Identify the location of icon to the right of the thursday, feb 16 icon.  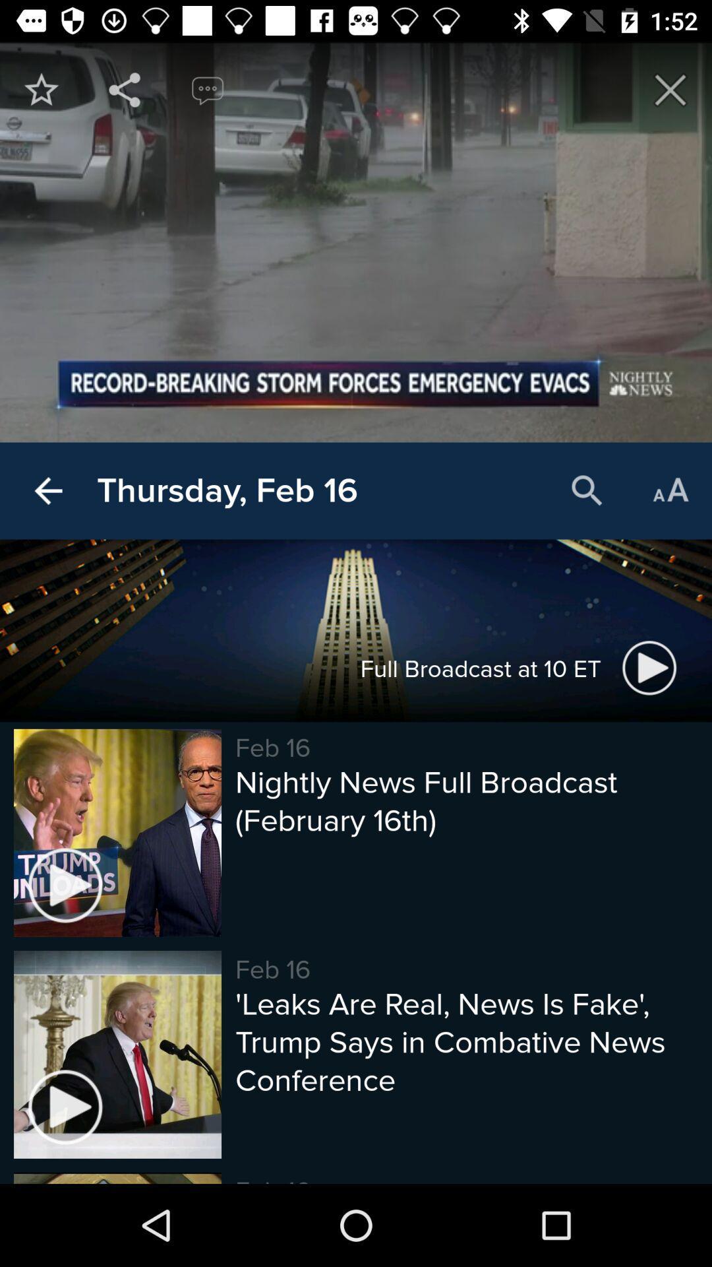
(587, 490).